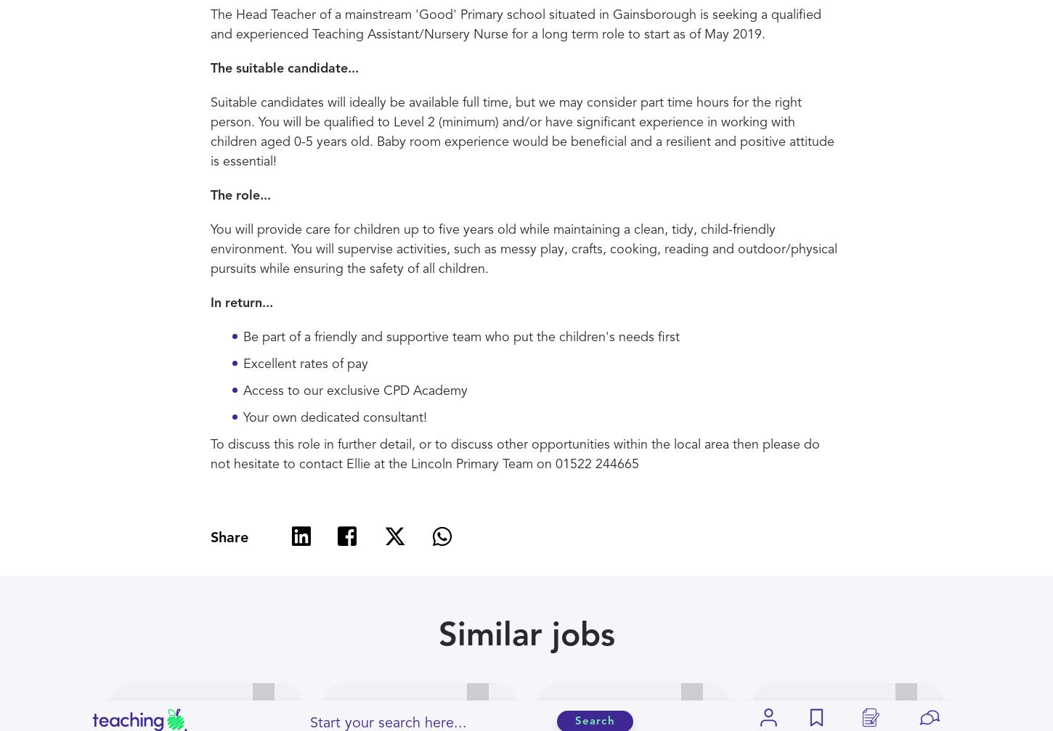 The width and height of the screenshot is (1053, 731). What do you see at coordinates (338, 423) in the screenshot?
I see `'FAQs'` at bounding box center [338, 423].